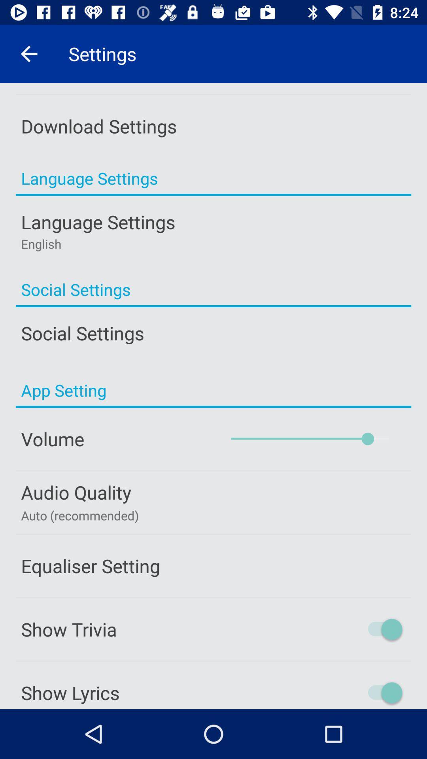  What do you see at coordinates (213, 289) in the screenshot?
I see `the text which is below the english` at bounding box center [213, 289].